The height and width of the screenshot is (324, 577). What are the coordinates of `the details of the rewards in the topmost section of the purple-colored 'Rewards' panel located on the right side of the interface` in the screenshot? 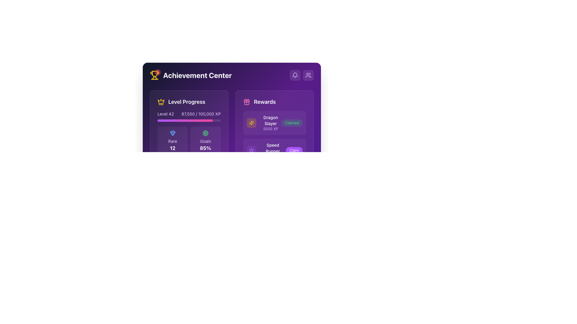 It's located at (274, 144).